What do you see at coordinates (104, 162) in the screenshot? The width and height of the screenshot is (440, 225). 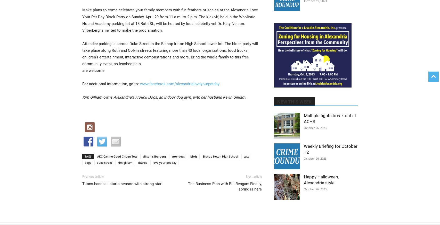 I see `'duke street'` at bounding box center [104, 162].